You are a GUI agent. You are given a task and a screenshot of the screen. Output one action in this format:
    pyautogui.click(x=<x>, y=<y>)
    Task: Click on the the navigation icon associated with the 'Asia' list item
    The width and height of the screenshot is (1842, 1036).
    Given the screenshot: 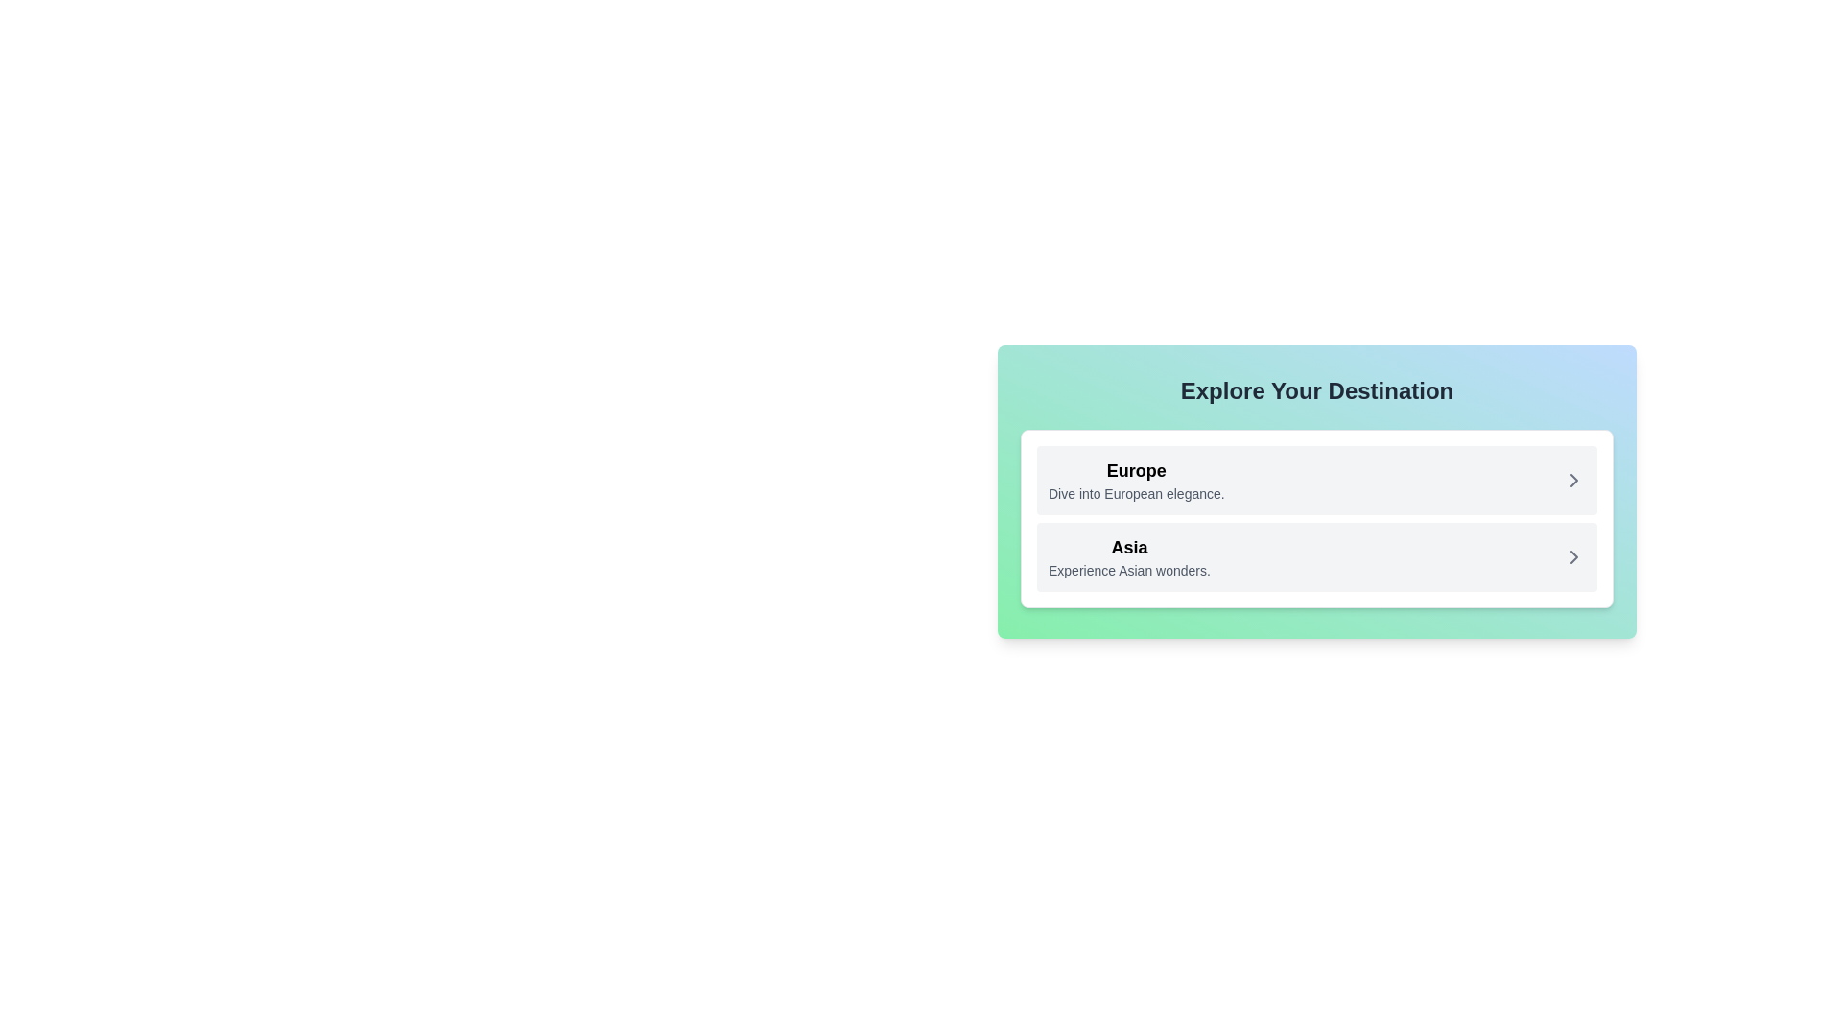 What is the action you would take?
    pyautogui.click(x=1574, y=557)
    